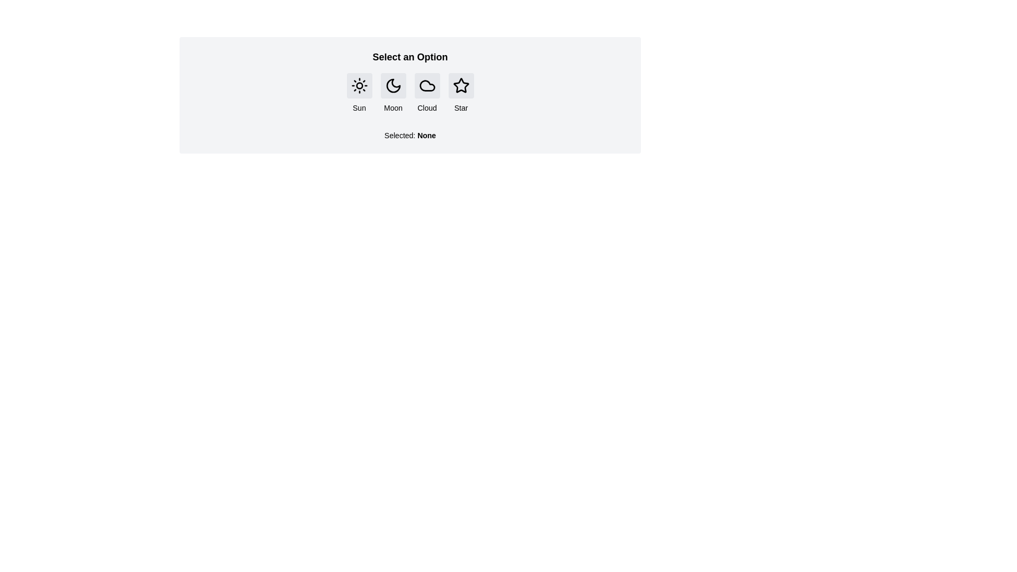 Image resolution: width=1017 pixels, height=572 pixels. I want to click on the label of the selectable option representing the Sun, which is the first option in a horizontal list of four options: Sun, Moon, Cloud, and Star, so click(359, 93).